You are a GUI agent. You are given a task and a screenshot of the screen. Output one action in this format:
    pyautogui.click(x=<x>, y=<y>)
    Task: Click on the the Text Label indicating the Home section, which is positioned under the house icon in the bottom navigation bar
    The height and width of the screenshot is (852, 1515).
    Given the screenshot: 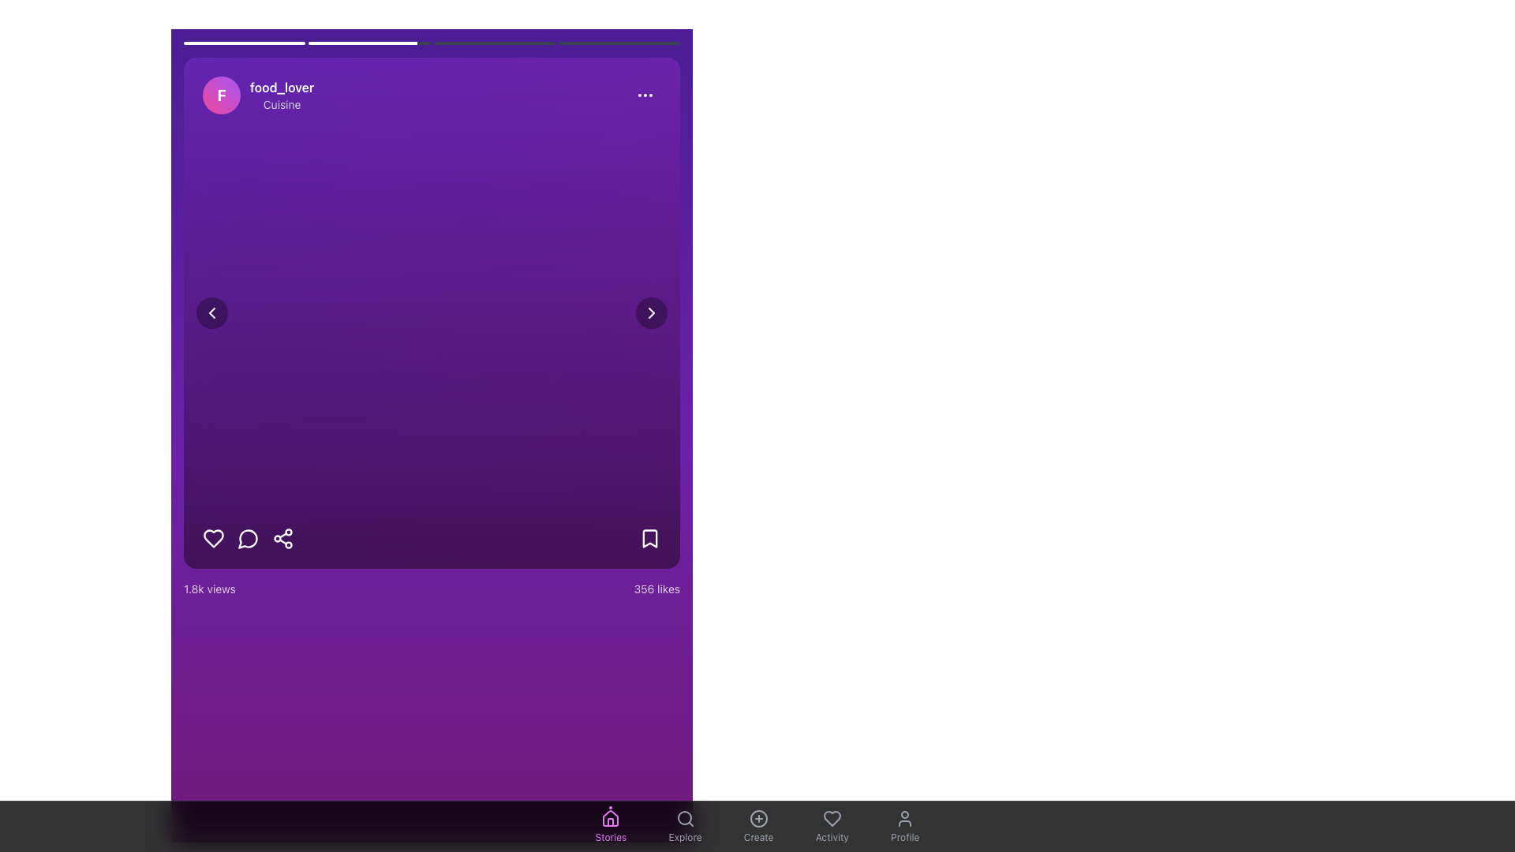 What is the action you would take?
    pyautogui.click(x=610, y=836)
    